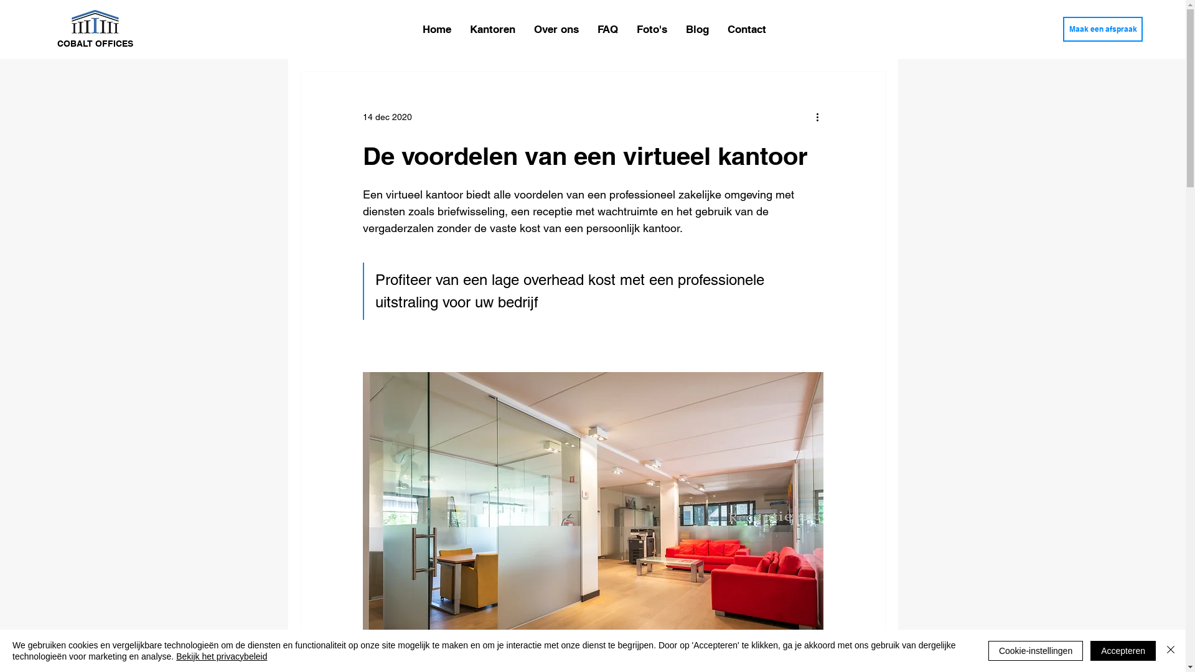 The image size is (1195, 672). What do you see at coordinates (747, 28) in the screenshot?
I see `'Contact'` at bounding box center [747, 28].